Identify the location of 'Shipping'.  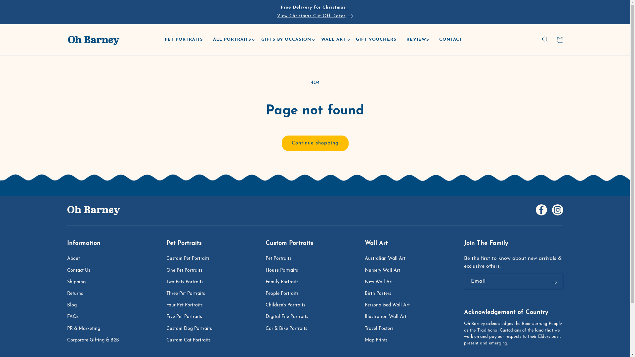
(66, 282).